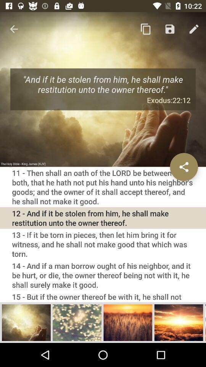 This screenshot has width=206, height=367. Describe the element at coordinates (103, 296) in the screenshot. I see `the 15 but if item` at that location.